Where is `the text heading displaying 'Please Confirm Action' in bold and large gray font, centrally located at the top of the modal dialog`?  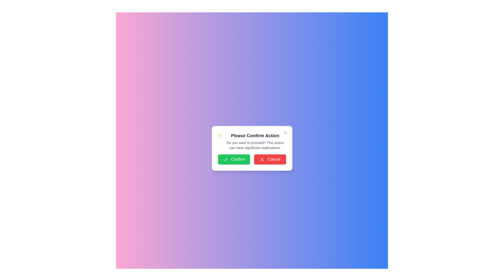 the text heading displaying 'Please Confirm Action' in bold and large gray font, centrally located at the top of the modal dialog is located at coordinates (255, 135).